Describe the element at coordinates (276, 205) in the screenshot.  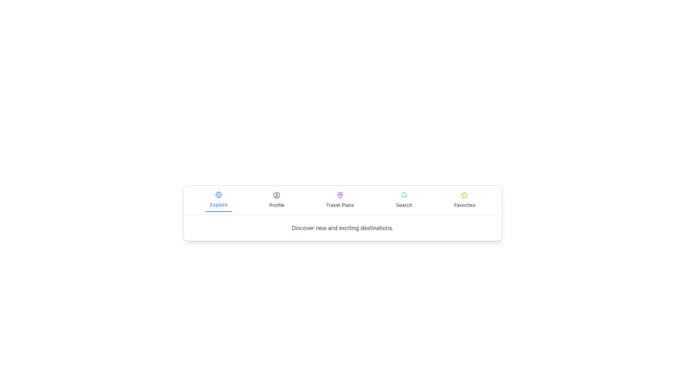
I see `the text label displaying 'Profile' located below the user icon in the bottom navigation bar` at that location.